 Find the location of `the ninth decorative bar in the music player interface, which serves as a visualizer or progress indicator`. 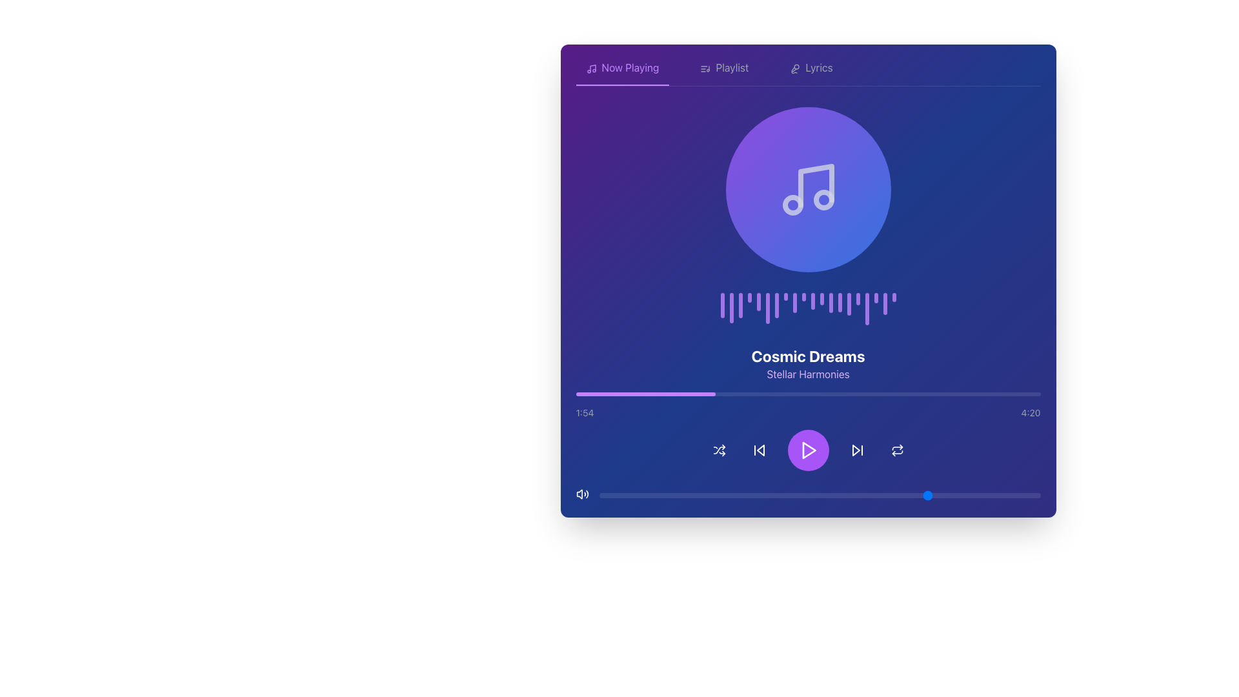

the ninth decorative bar in the music player interface, which serves as a visualizer or progress indicator is located at coordinates (794, 303).